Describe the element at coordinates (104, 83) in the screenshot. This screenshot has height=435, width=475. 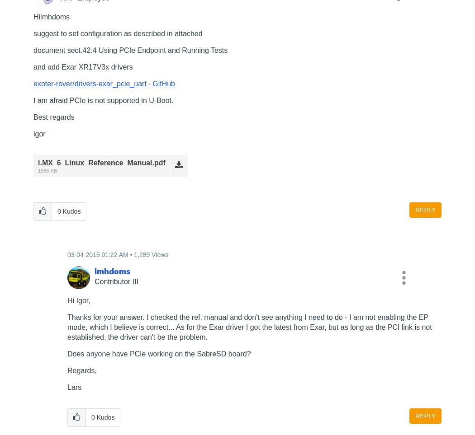
I see `'exoter-rover/drivers-exar_pcie_uart · GitHub'` at that location.